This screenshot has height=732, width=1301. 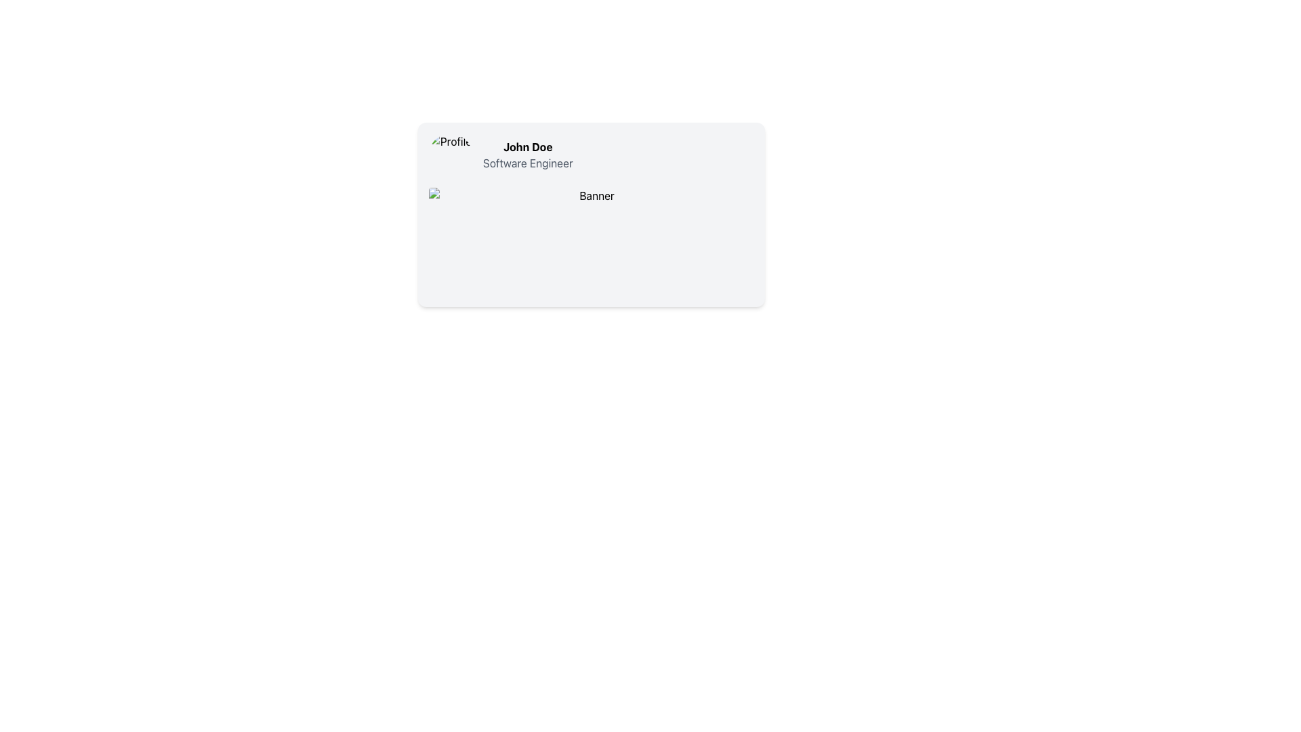 What do you see at coordinates (527, 162) in the screenshot?
I see `the job title text associated with 'John Doe'` at bounding box center [527, 162].